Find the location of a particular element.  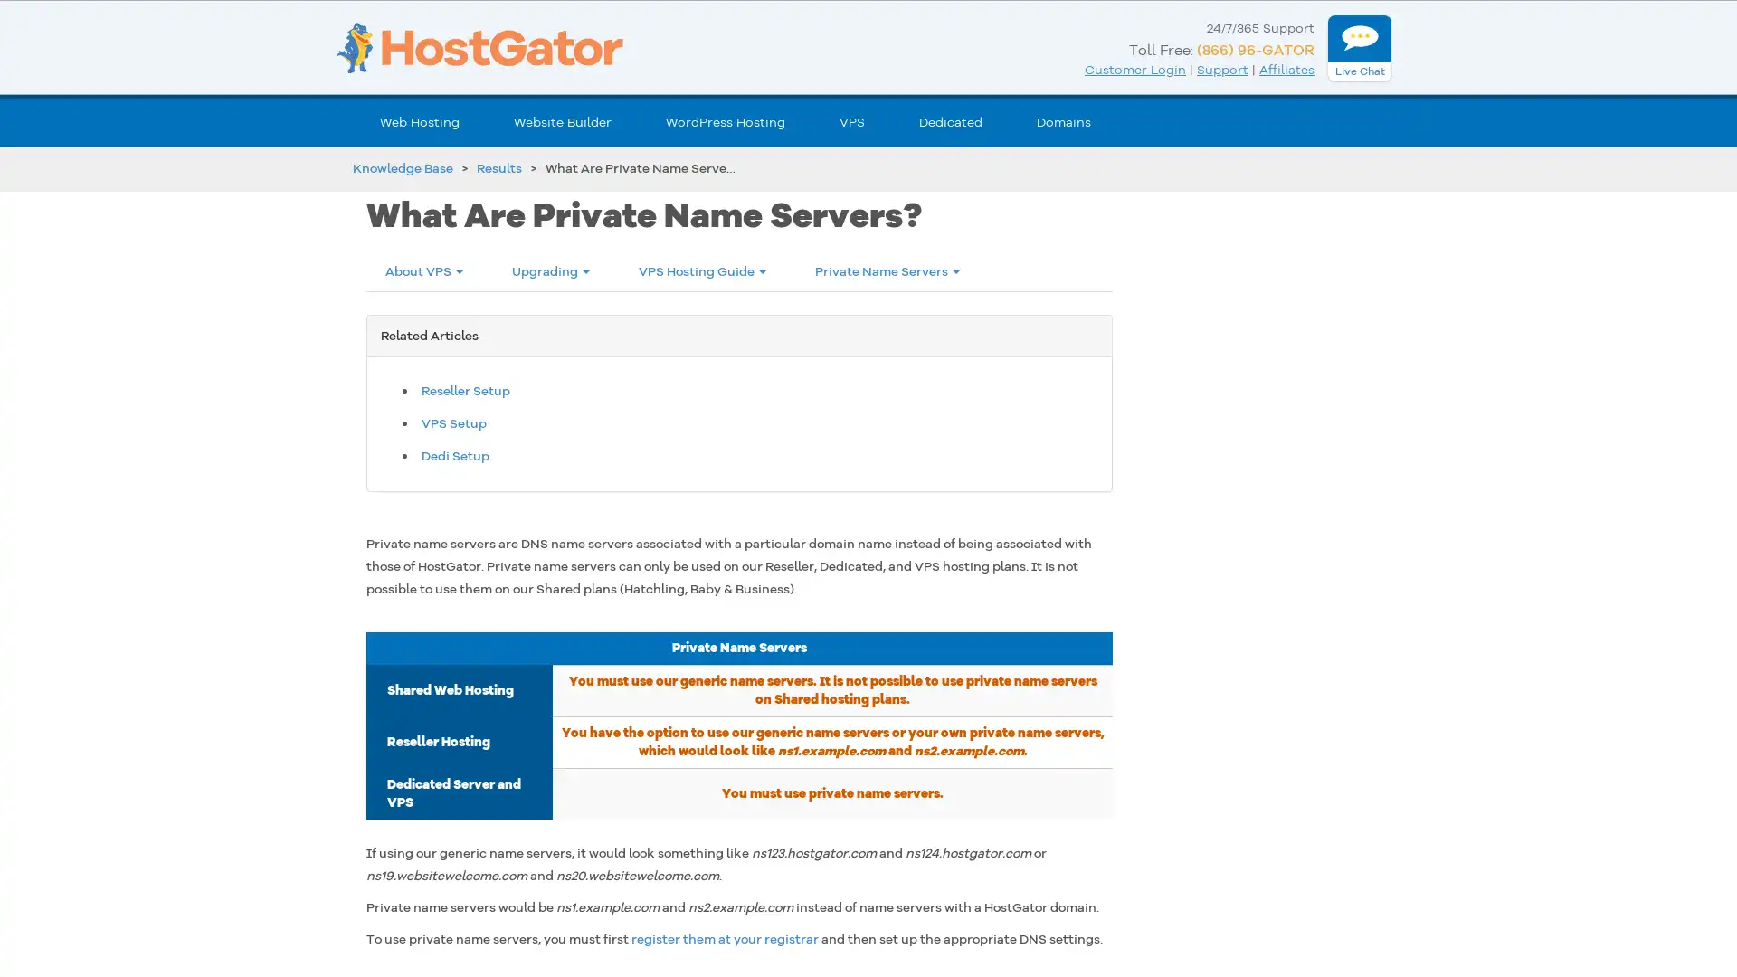

Cookies Settings is located at coordinates (184, 915).